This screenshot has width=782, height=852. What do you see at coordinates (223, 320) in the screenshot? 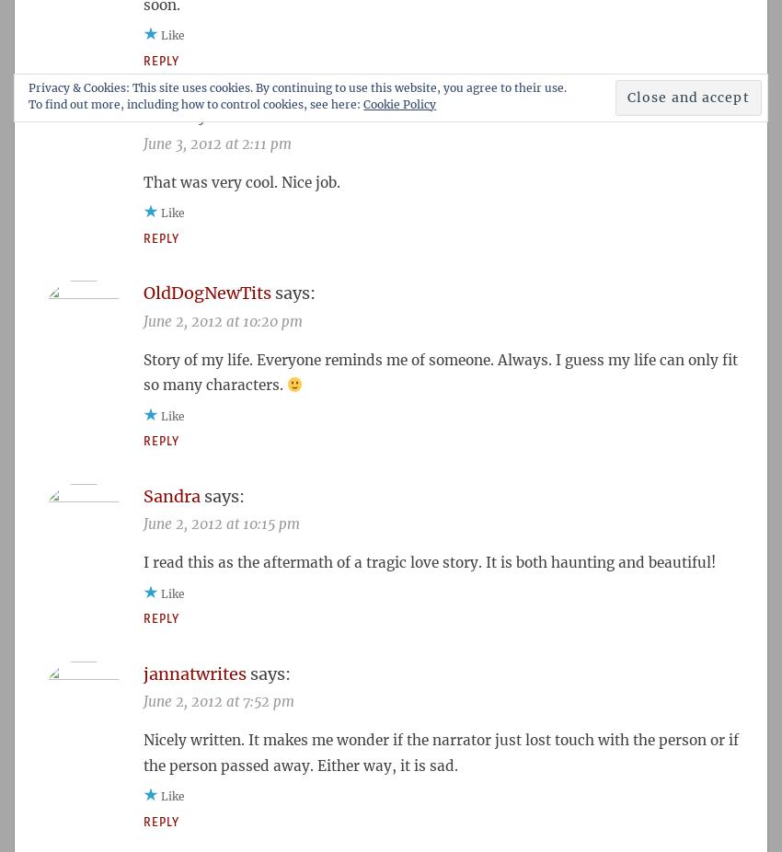
I see `'June 2, 2012 at 10:20 pm'` at bounding box center [223, 320].